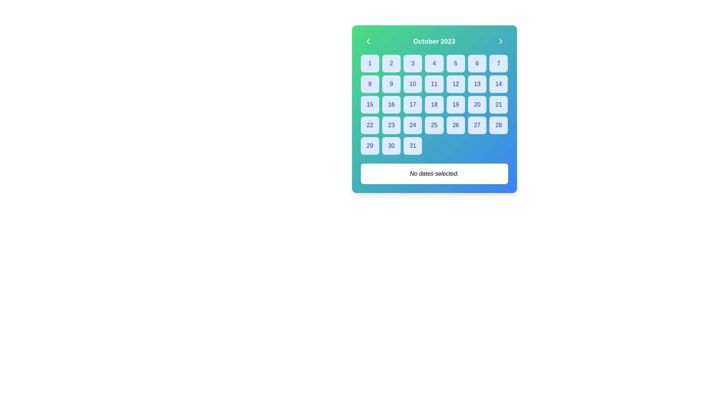  I want to click on the rightmost button in the calendar header, so click(500, 41).